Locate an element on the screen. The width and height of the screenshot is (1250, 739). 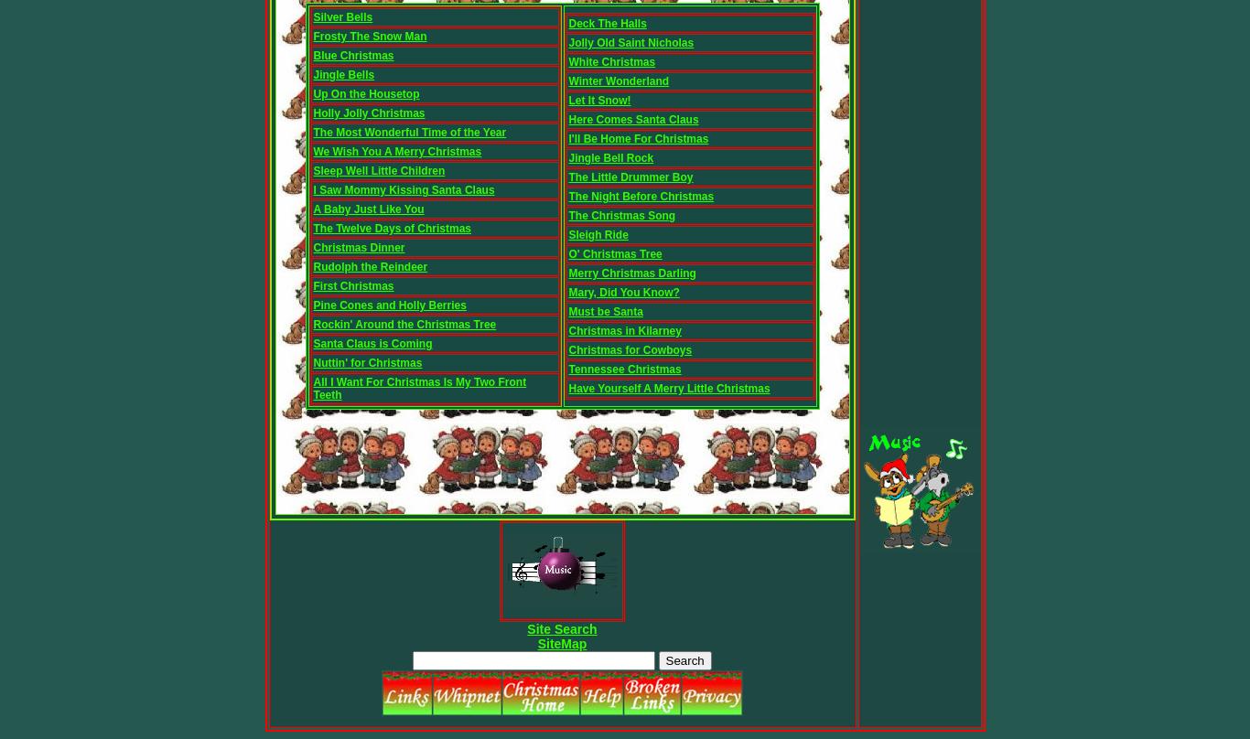
'Blue Christmas' is located at coordinates (352, 56).